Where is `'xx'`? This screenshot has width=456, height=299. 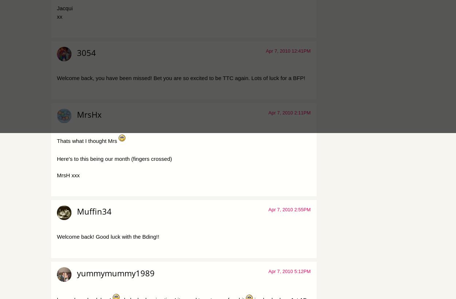
'xx' is located at coordinates (59, 16).